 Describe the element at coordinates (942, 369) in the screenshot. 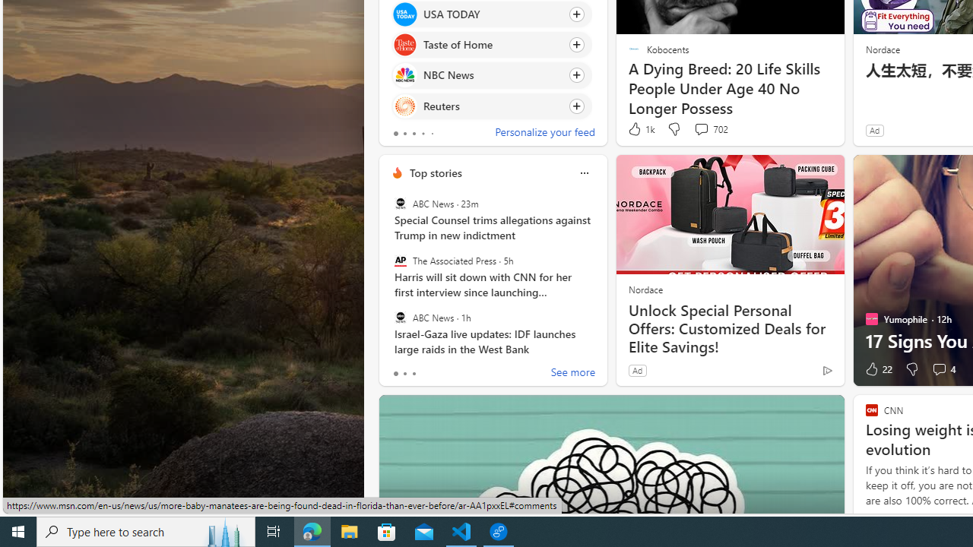

I see `'View comments 4 Comment'` at that location.